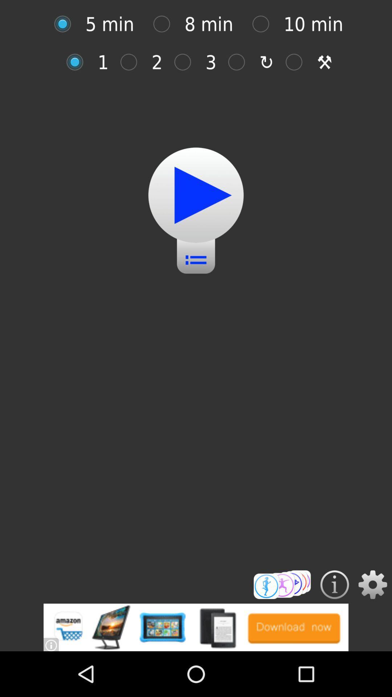  What do you see at coordinates (196, 195) in the screenshot?
I see `option` at bounding box center [196, 195].